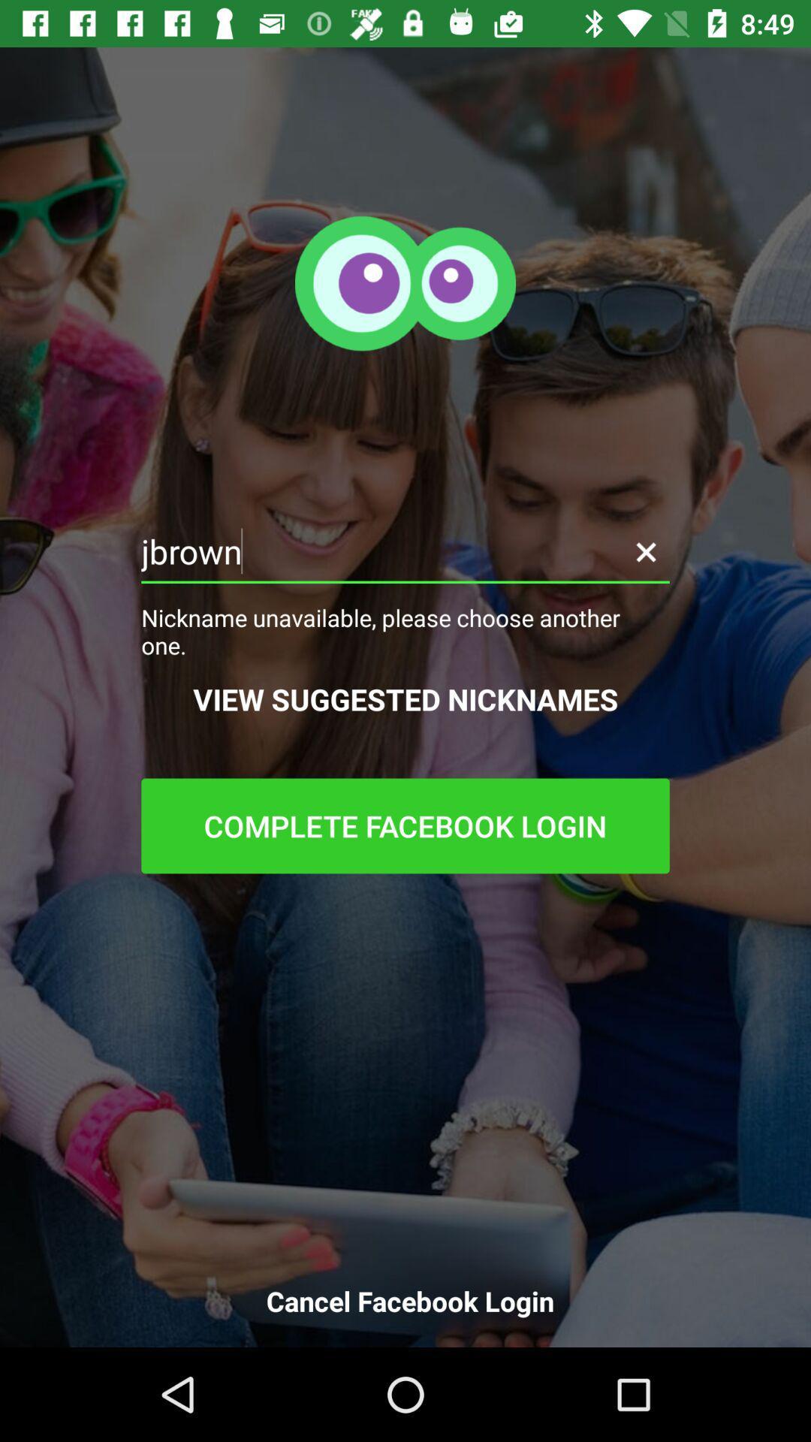  I want to click on view suggested nicknames icon, so click(405, 698).